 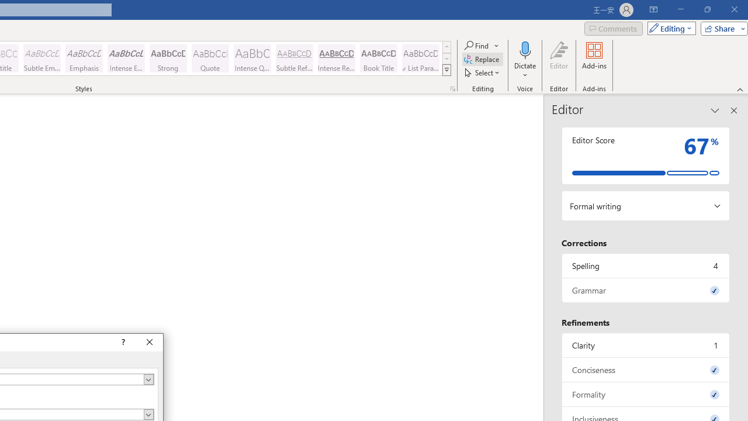 What do you see at coordinates (645, 370) in the screenshot?
I see `'Conciseness, 0 issues. Press space or enter to review items.'` at bounding box center [645, 370].